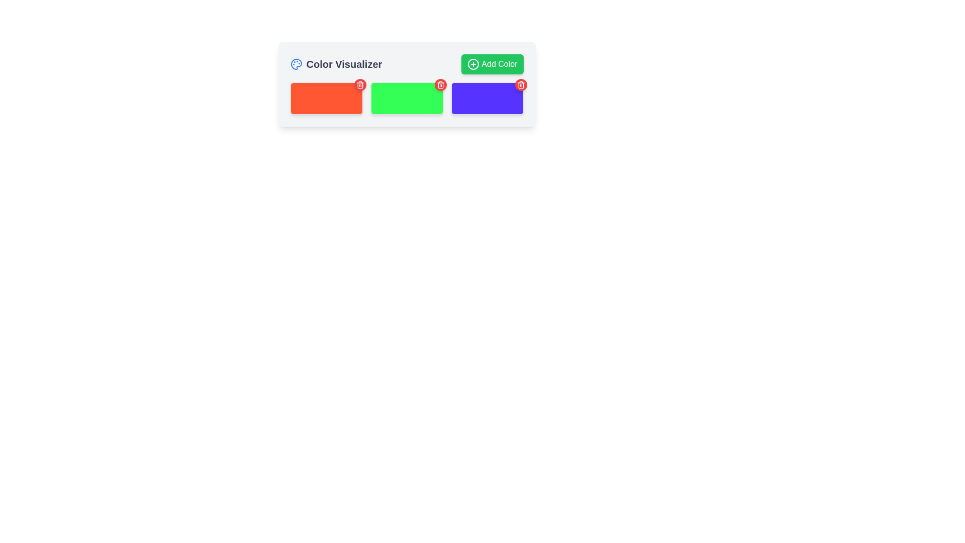 The height and width of the screenshot is (543, 965). I want to click on the palette icon located in the top-left portion of the interface, near the text 'Color Visualizer', so click(296, 64).